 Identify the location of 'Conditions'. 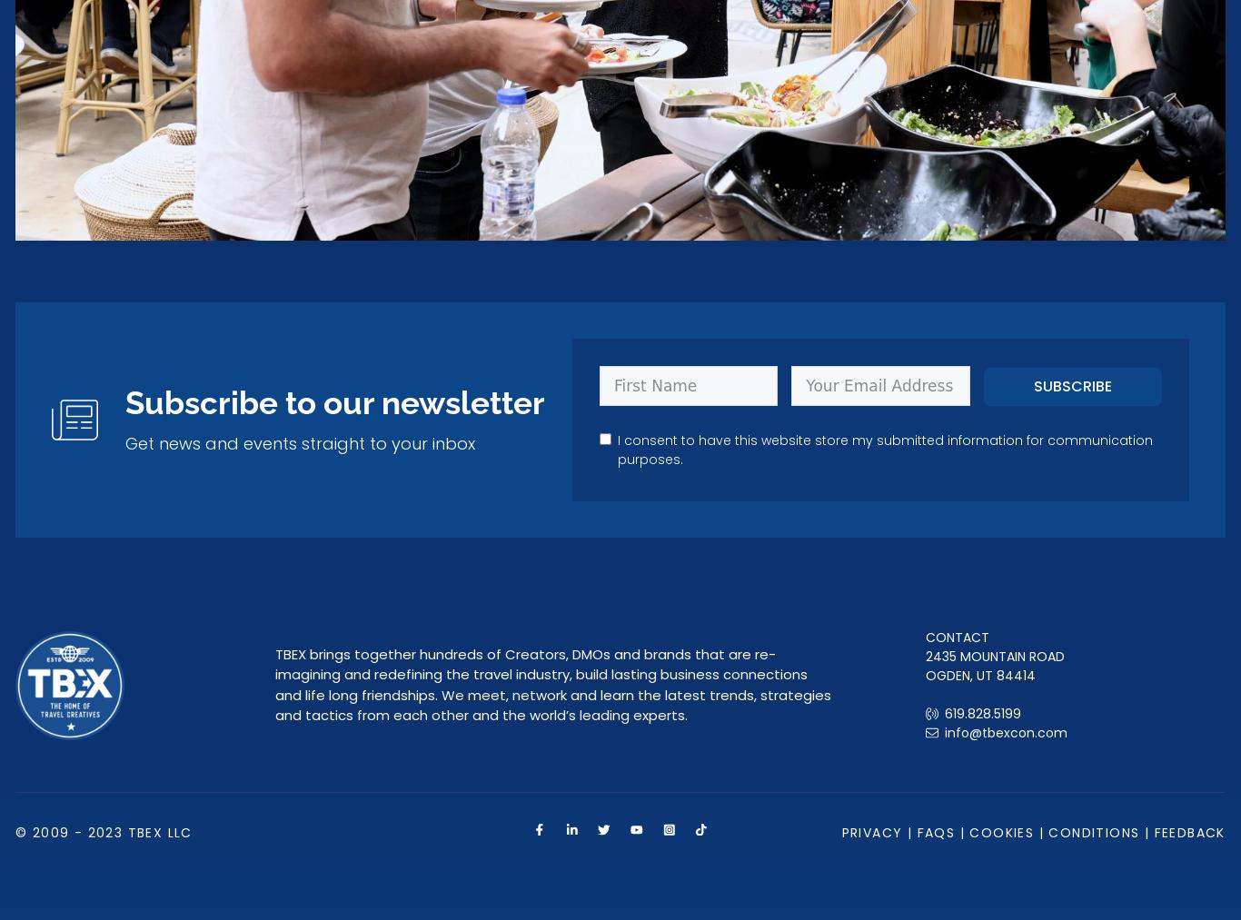
(1093, 831).